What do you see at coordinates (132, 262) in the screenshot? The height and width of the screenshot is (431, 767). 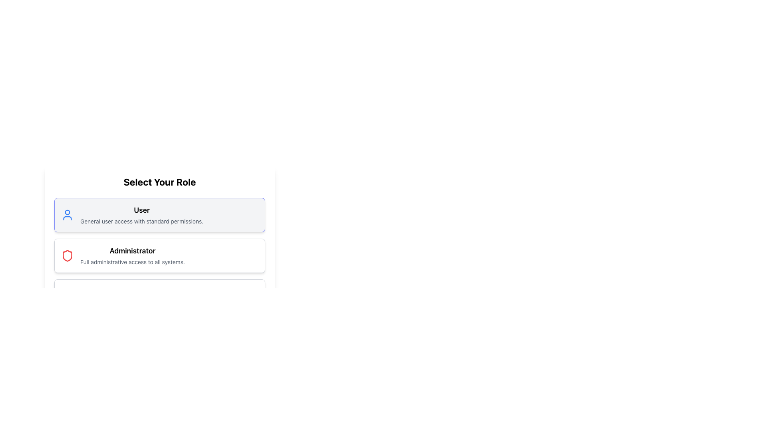 I see `the text label stating 'Full administrative access to all systems.' which is located below the 'Administrator' text within the second card of the 'Select Your Role' interface` at bounding box center [132, 262].